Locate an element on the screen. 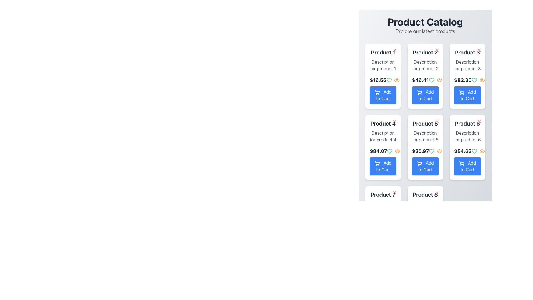  the 'Add to Cart' button with a blue background and a shopping cart icon, located in the lower part of the 'Product 6' card is located at coordinates (467, 166).